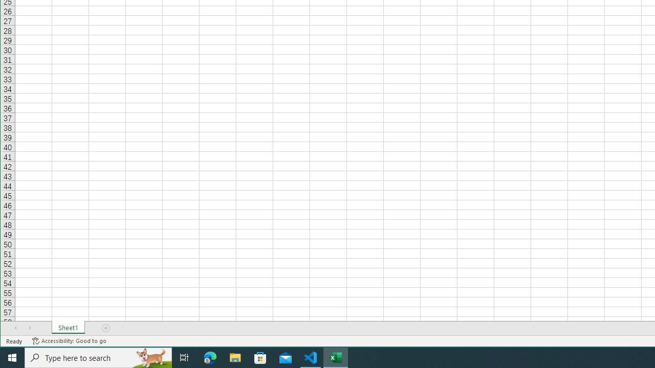  I want to click on 'Excel - 1 running window', so click(336, 357).